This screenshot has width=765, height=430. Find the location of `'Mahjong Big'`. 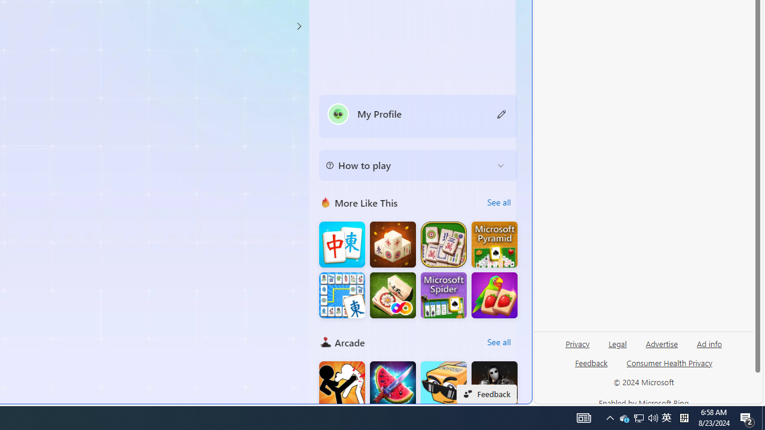

'Mahjong Big' is located at coordinates (341, 244).